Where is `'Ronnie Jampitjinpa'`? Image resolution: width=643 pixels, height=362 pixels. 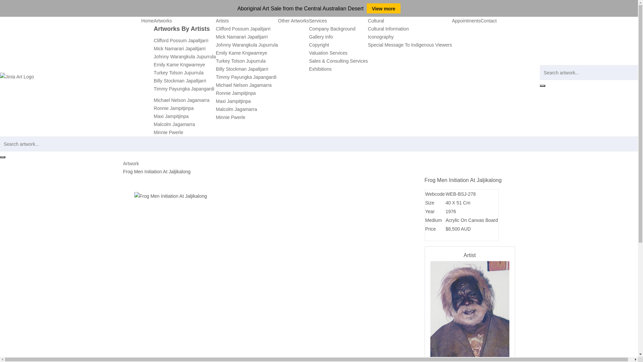 'Ronnie Jampitjinpa' is located at coordinates (173, 108).